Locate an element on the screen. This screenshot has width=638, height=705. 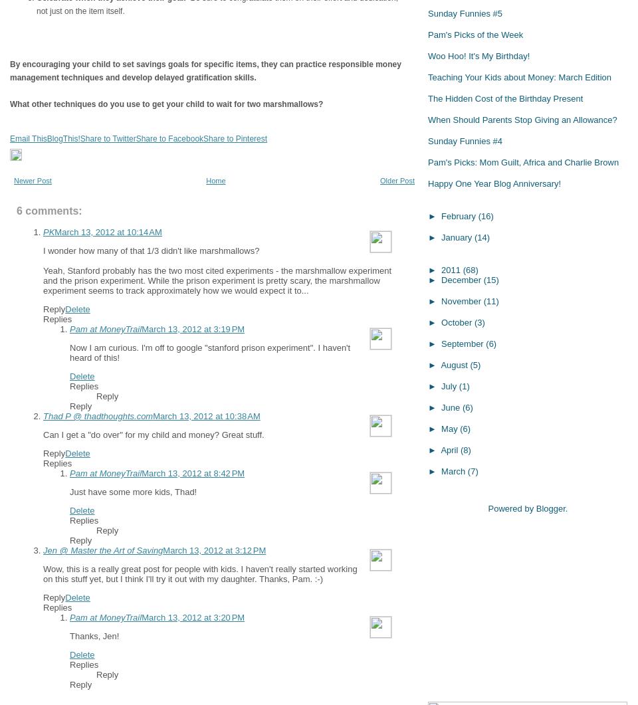
'Older Post' is located at coordinates (397, 180).